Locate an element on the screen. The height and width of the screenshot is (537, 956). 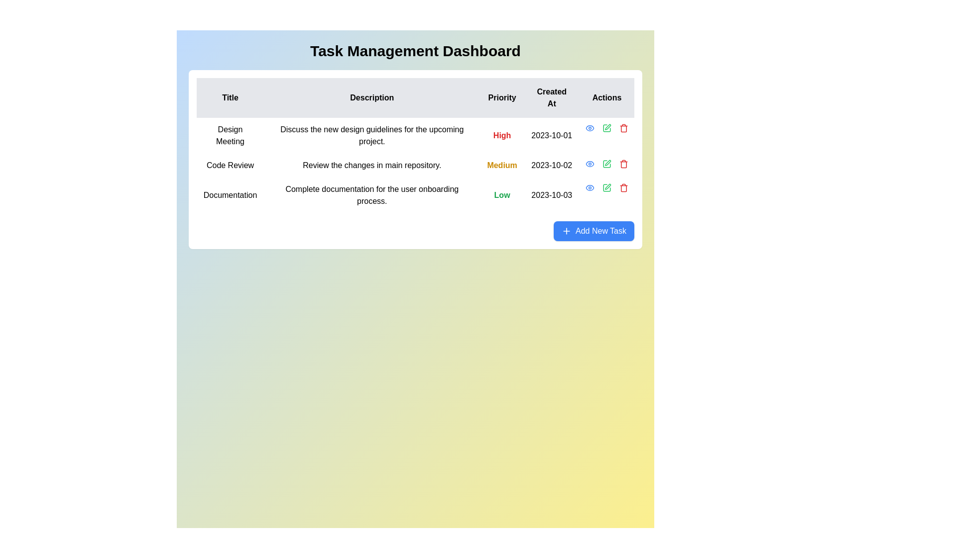
the green pencil icon in the Actions column of the third row of the task management table to initiate an edit action is located at coordinates (606, 188).